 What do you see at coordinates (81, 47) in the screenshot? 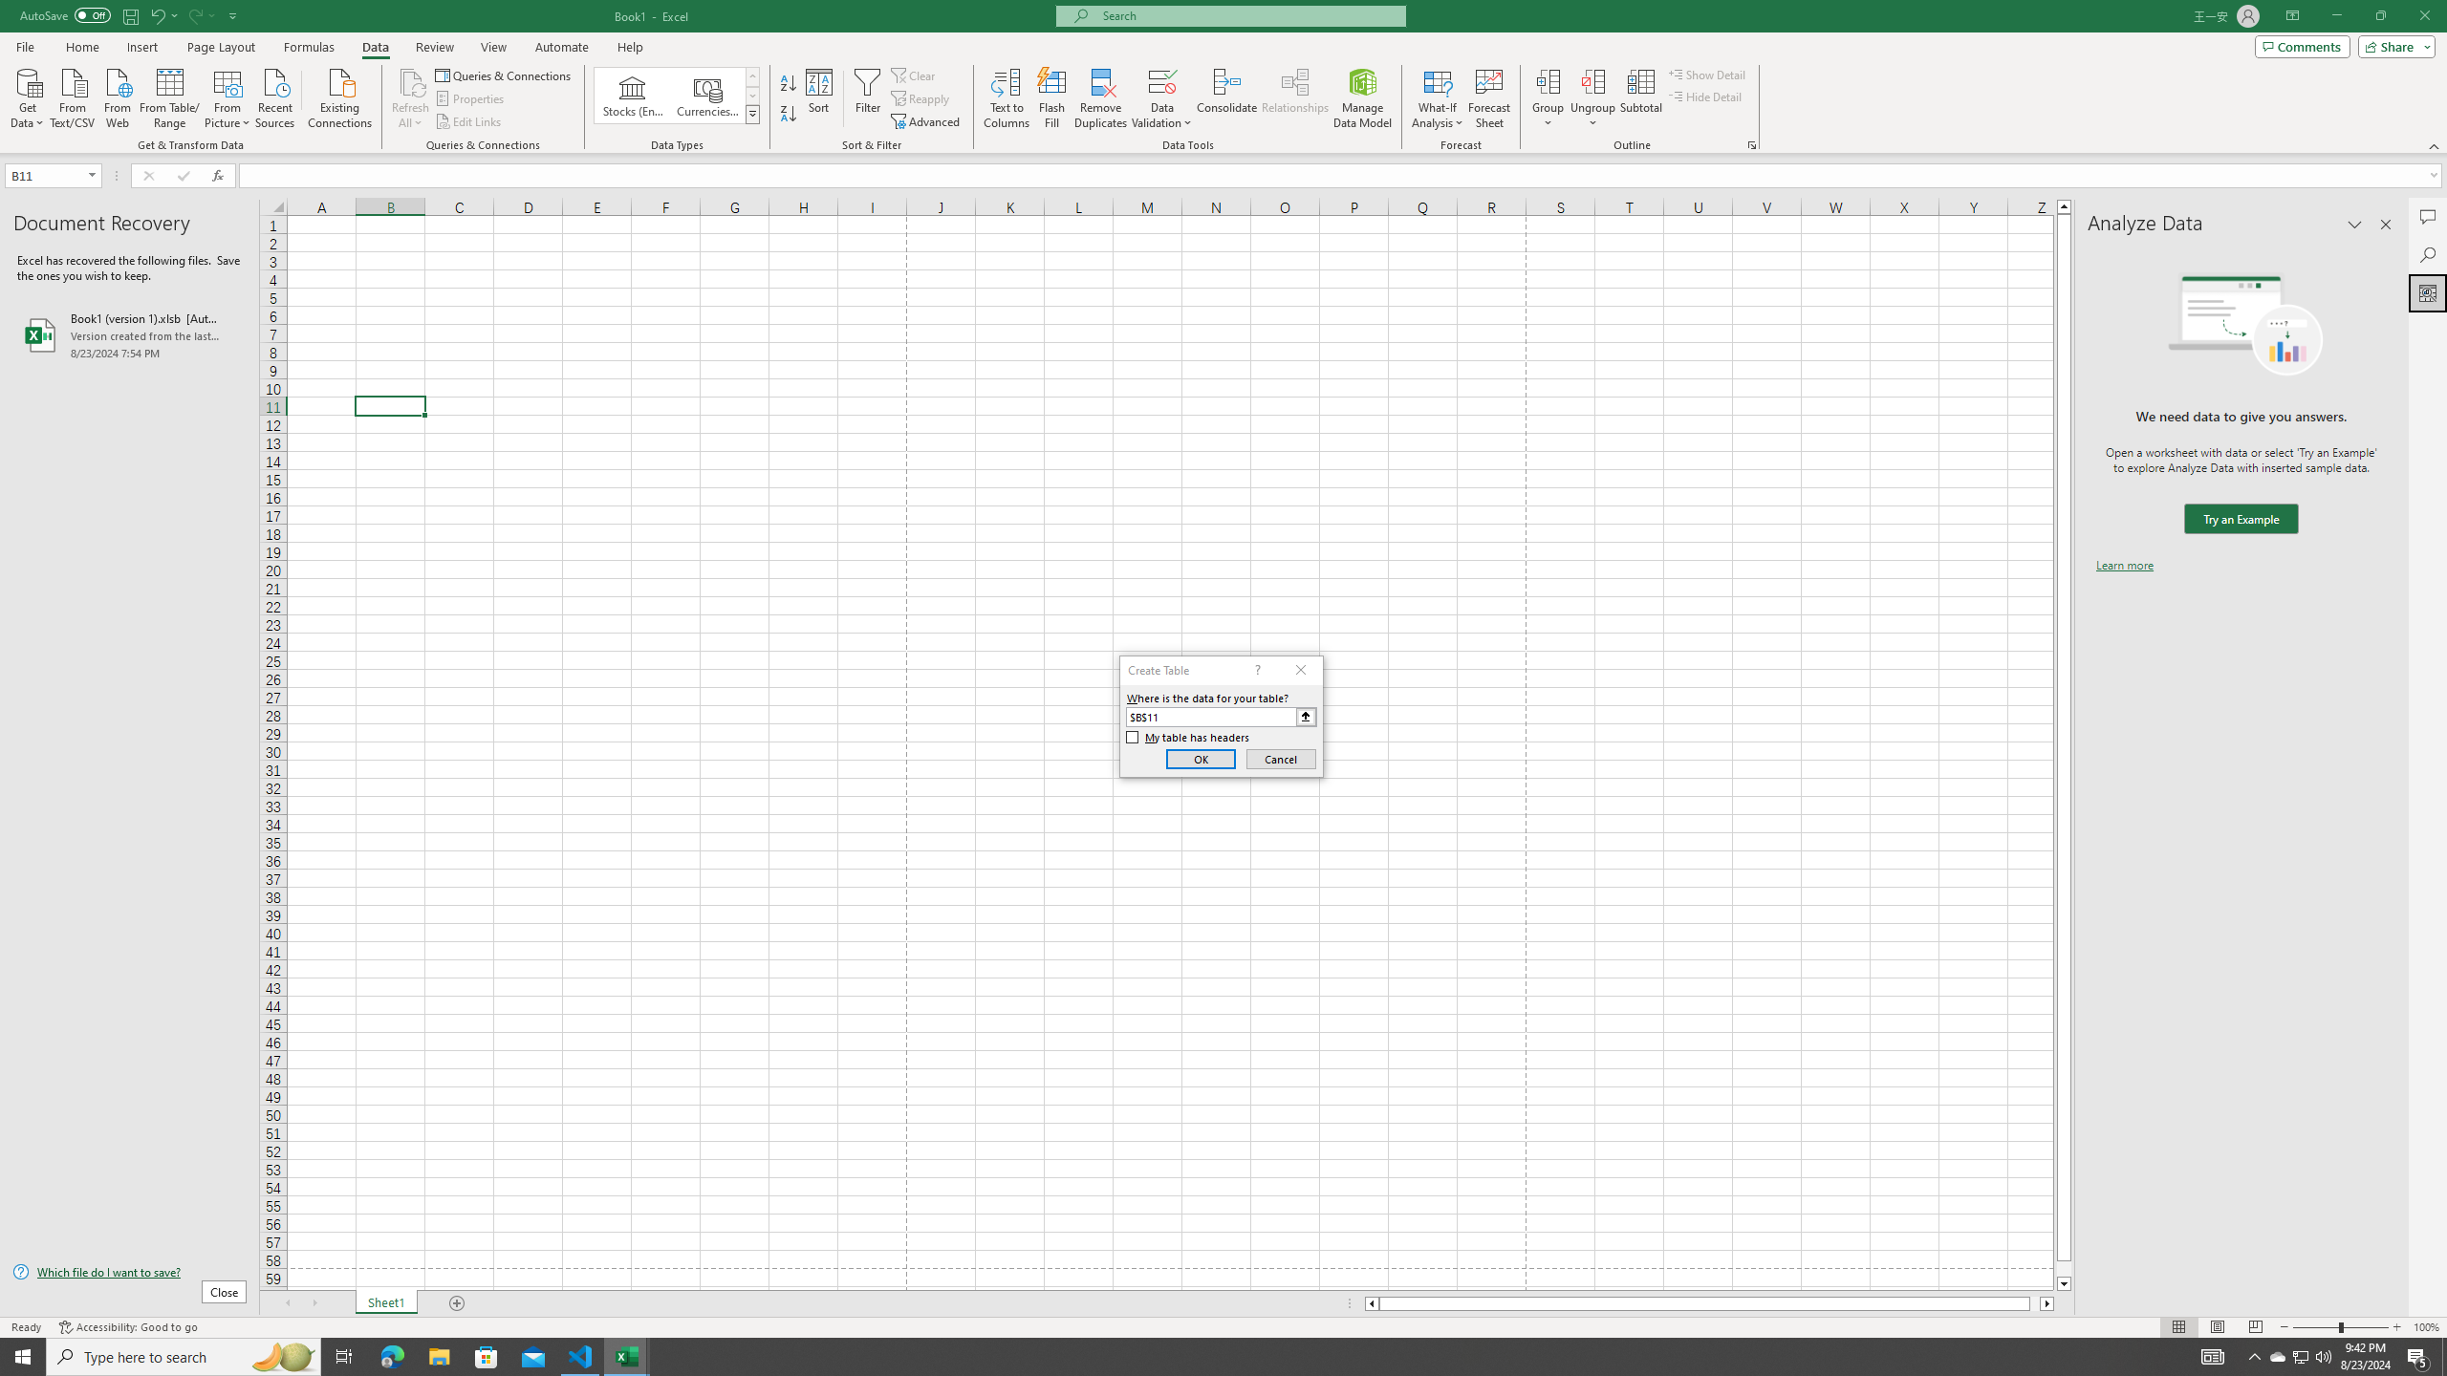
I see `'Home'` at bounding box center [81, 47].